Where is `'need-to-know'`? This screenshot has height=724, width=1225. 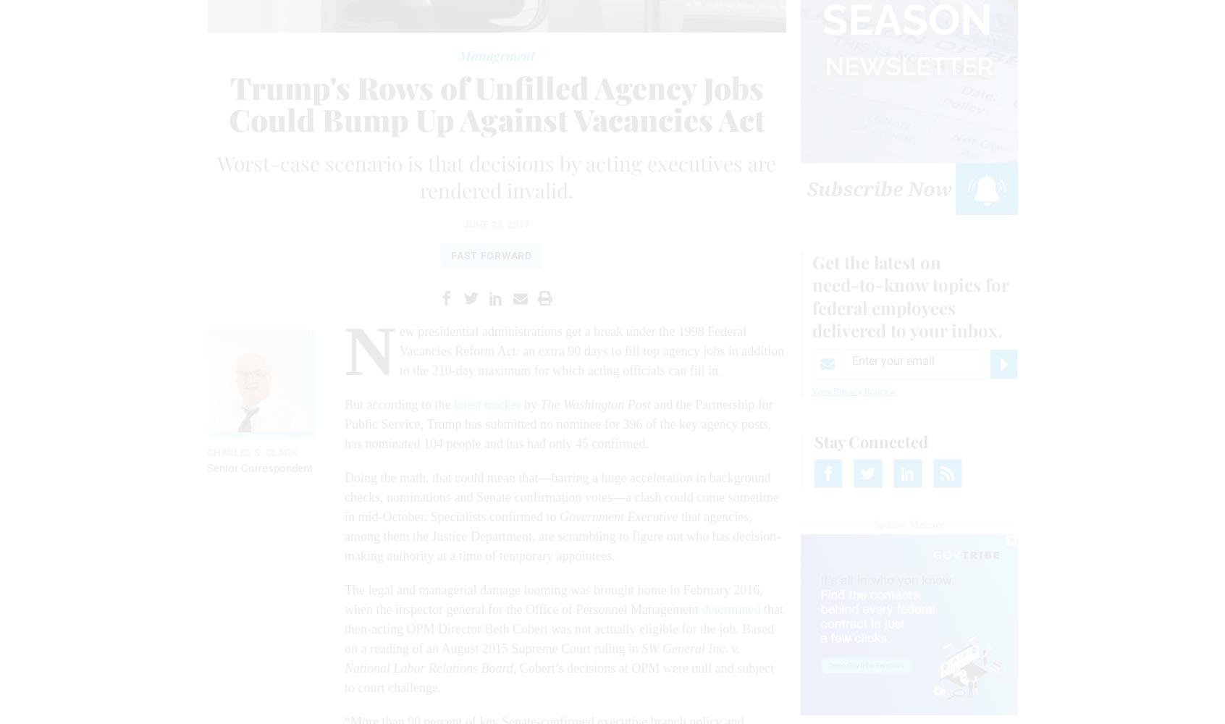 'need-to-know' is located at coordinates (812, 285).